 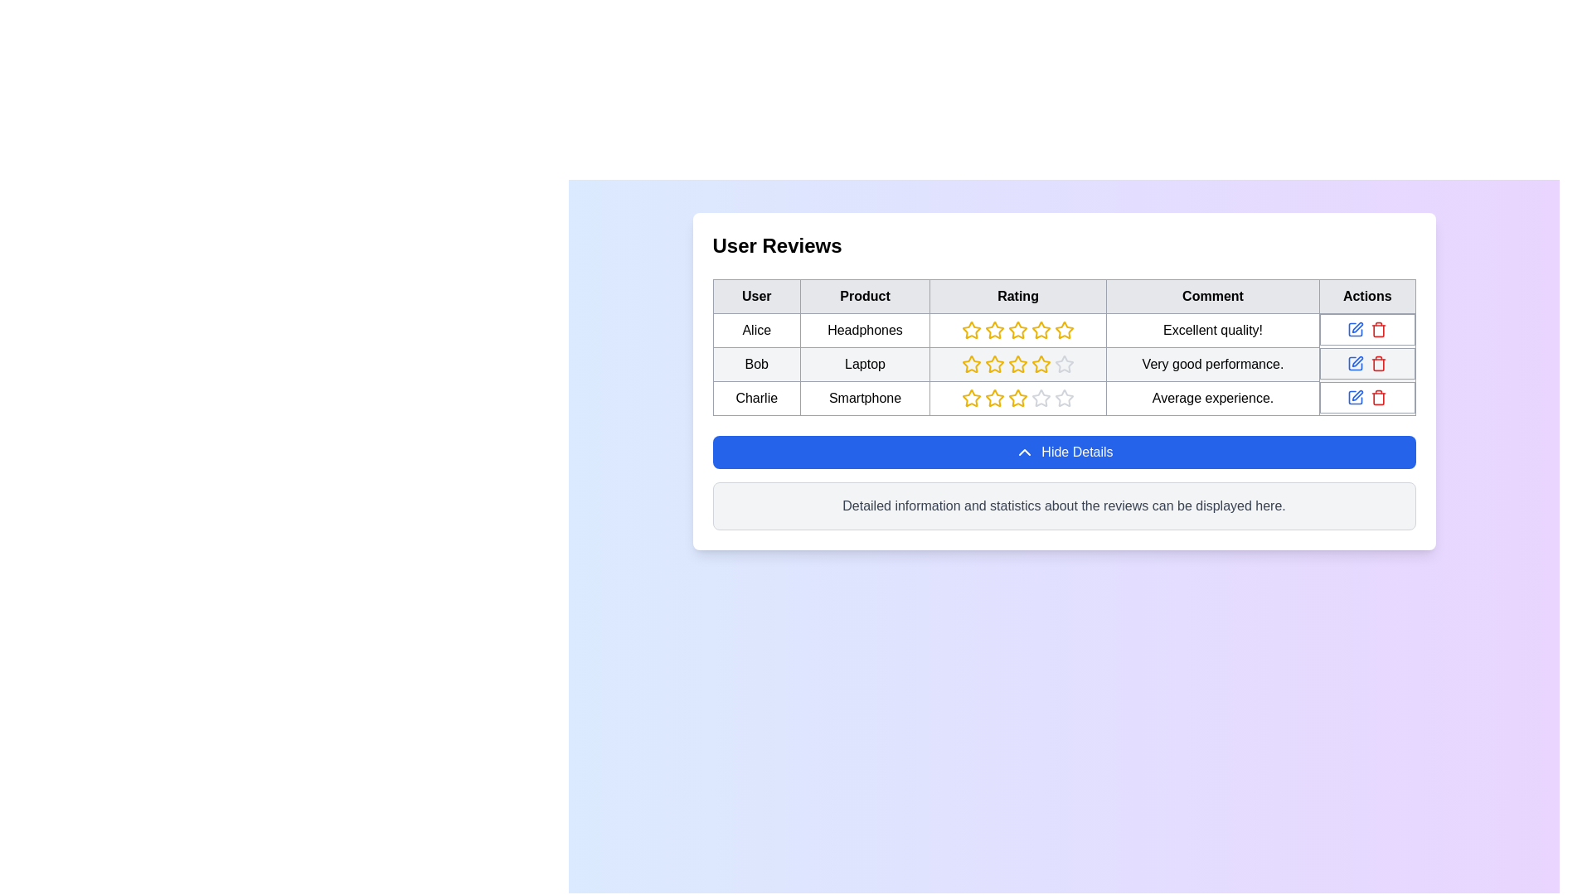 I want to click on the group of stars representing the rating for the product 'Smartphone', so click(x=1017, y=399).